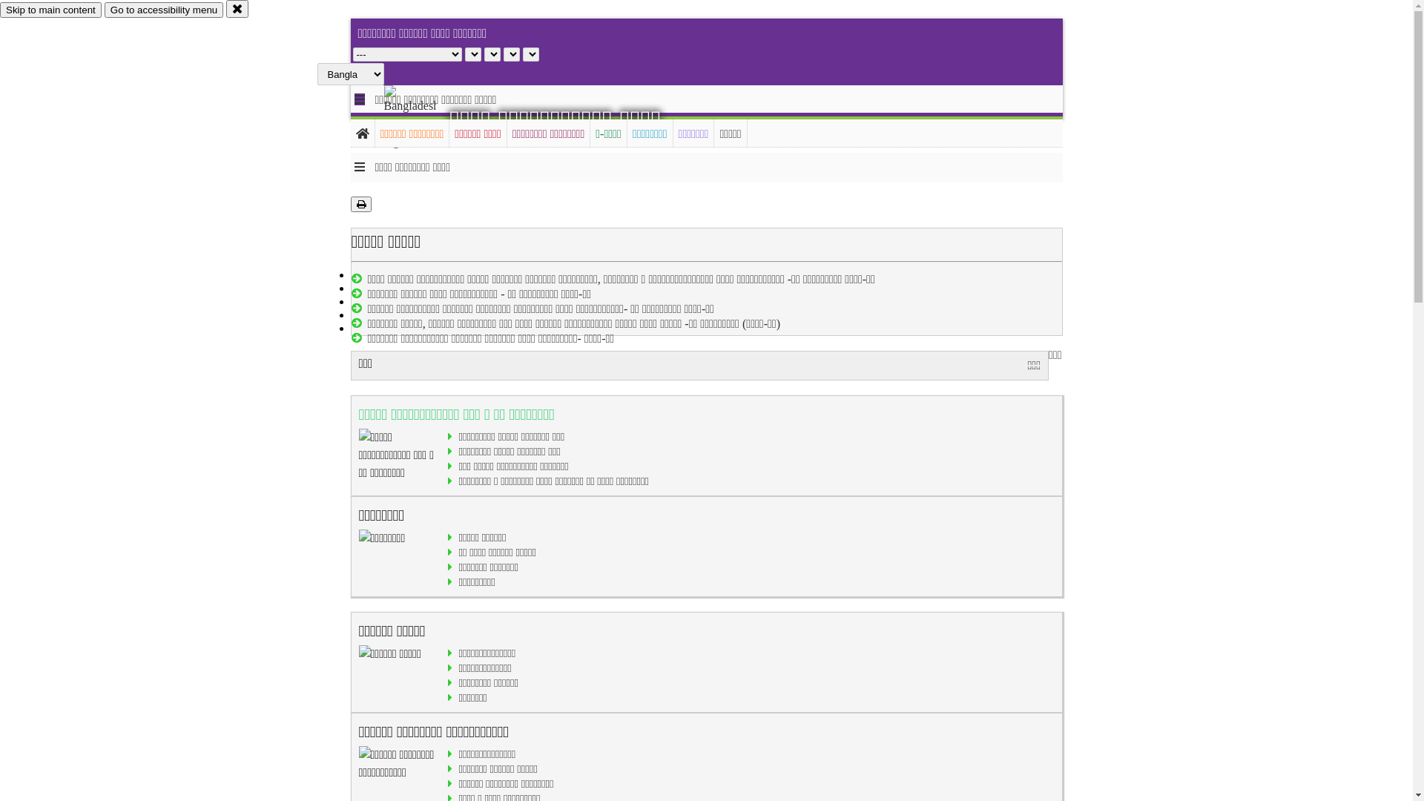 The width and height of the screenshot is (1424, 801). What do you see at coordinates (50, 10) in the screenshot?
I see `'Skip to main content'` at bounding box center [50, 10].